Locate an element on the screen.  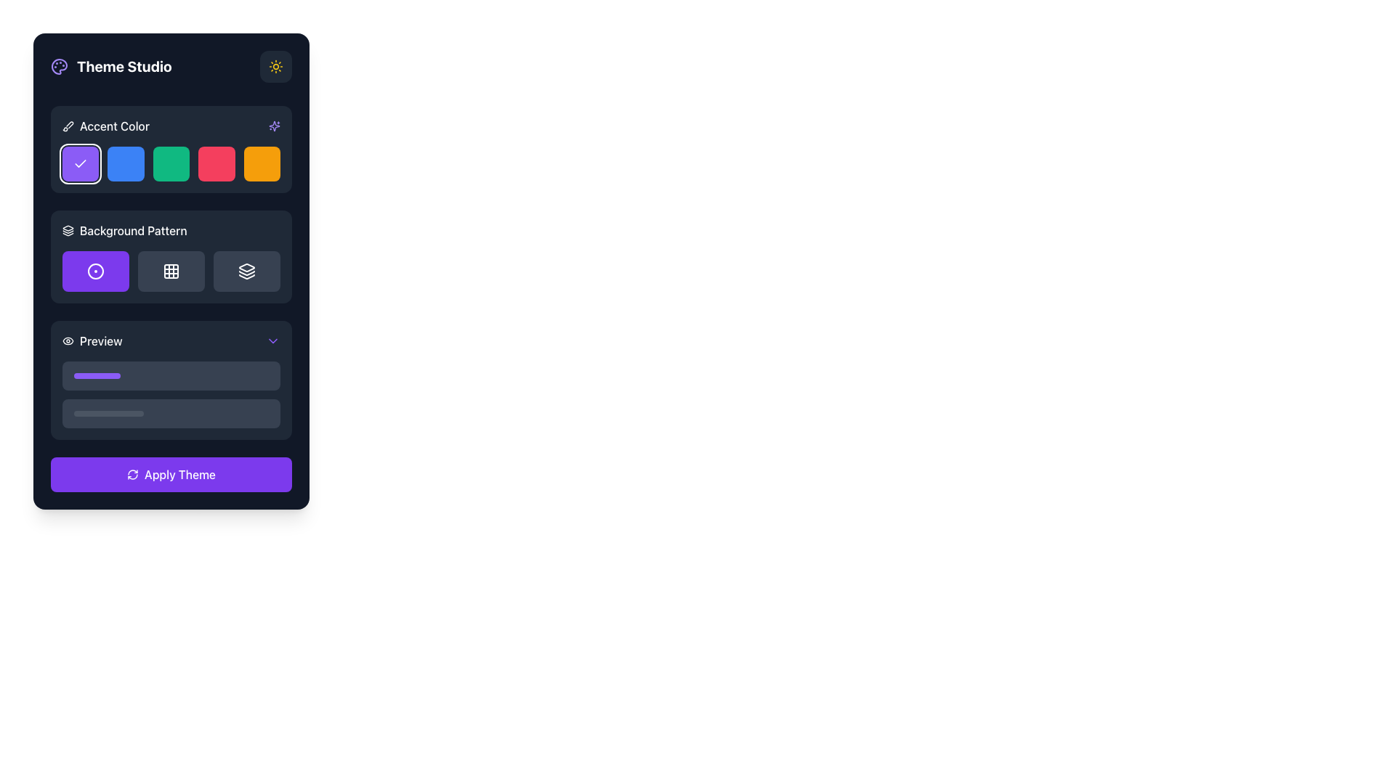
the rightmost icon button, which consists of three stylized stacked rectangles in white color, located in the 'Background Pattern' section is located at coordinates (247, 271).